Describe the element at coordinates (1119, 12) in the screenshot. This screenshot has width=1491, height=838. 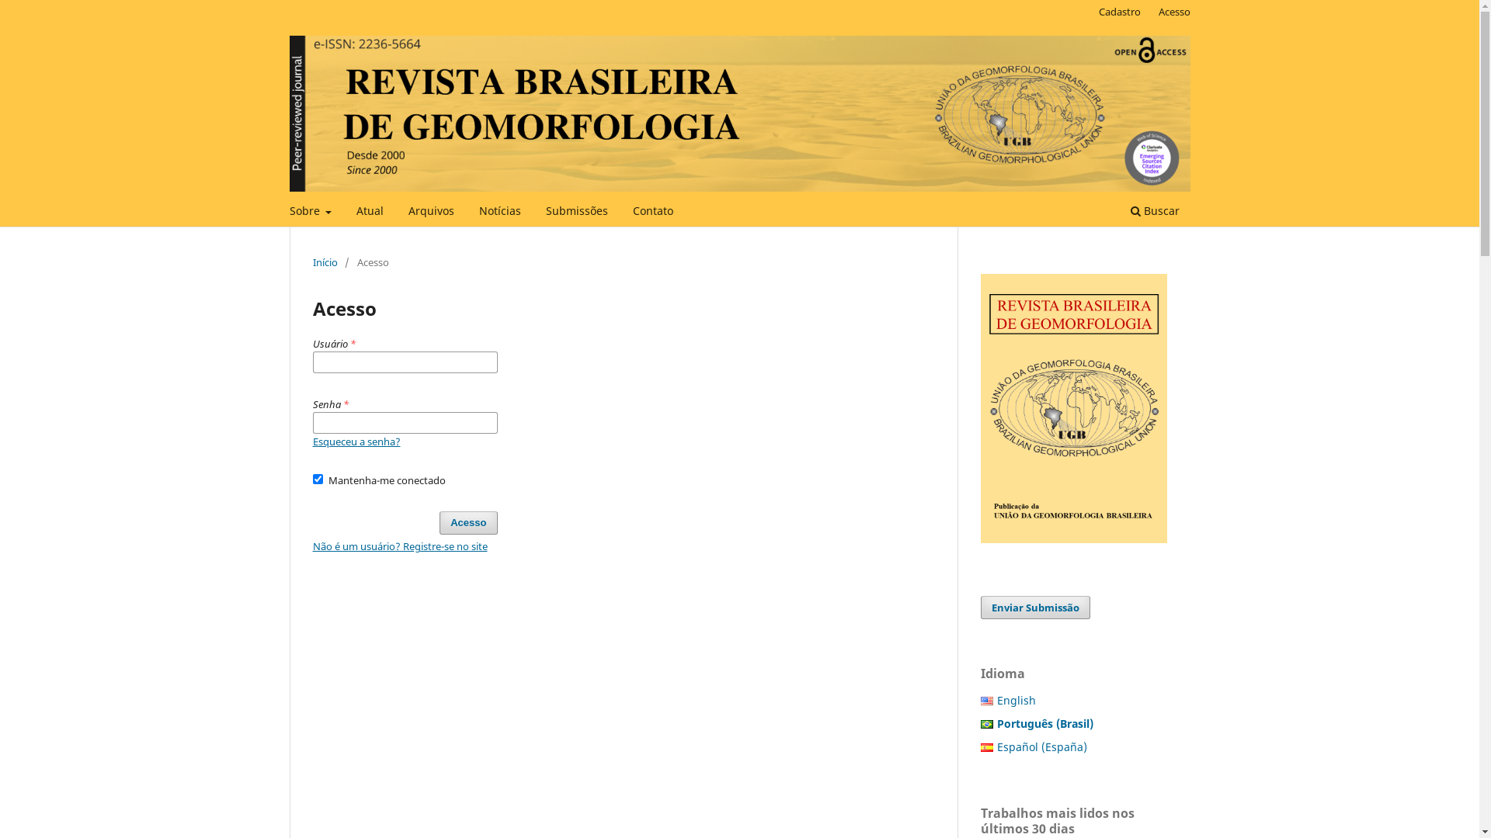
I see `'Cadastro'` at that location.